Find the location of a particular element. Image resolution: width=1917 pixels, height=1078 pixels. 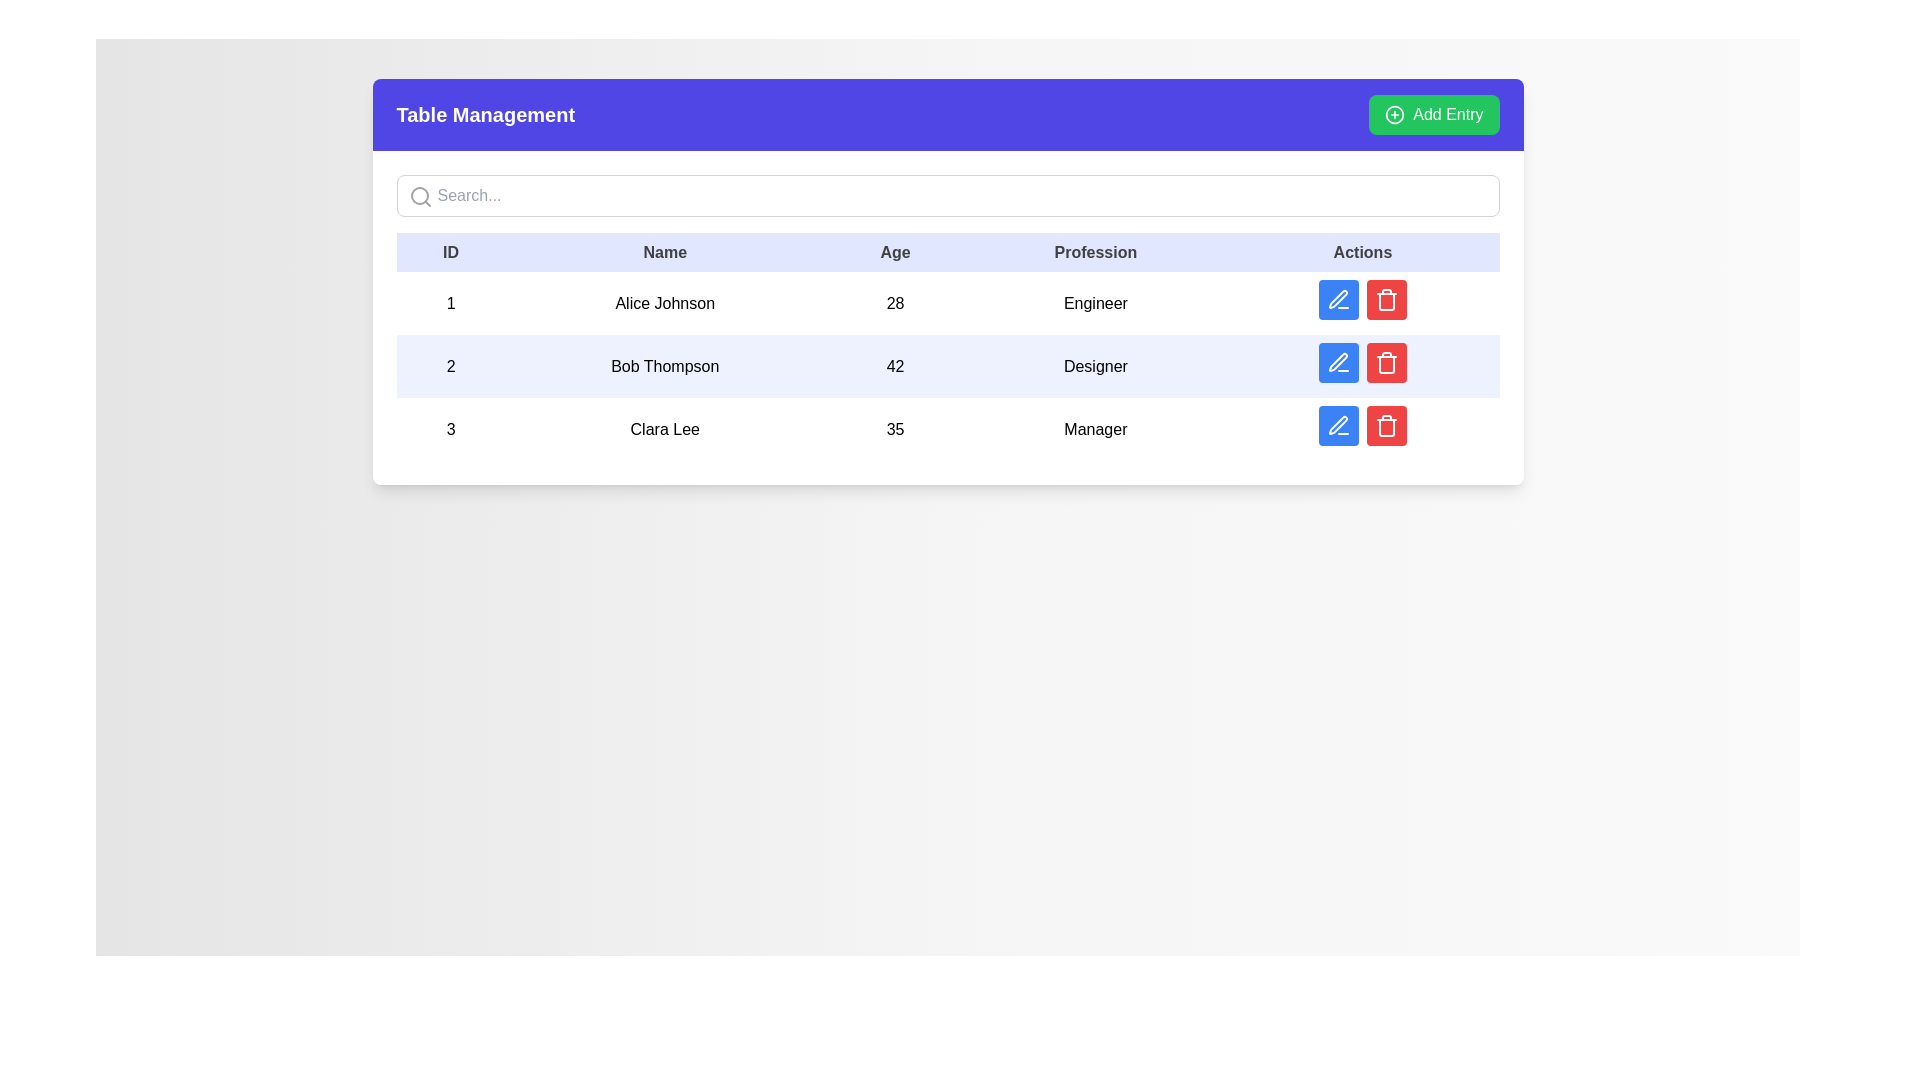

text from the table cell displaying the number '35' for 'Clara Lee' under the 'Age' column is located at coordinates (894, 428).